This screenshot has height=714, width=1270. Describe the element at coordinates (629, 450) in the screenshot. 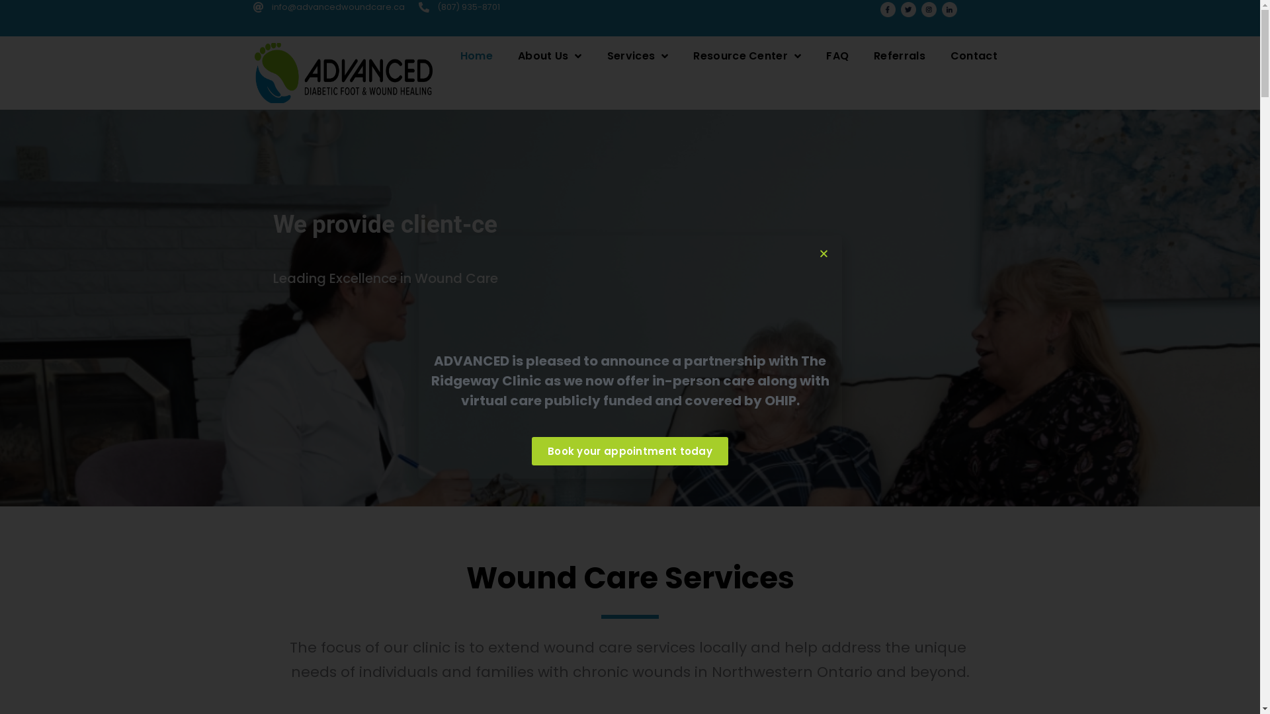

I see `'Book your appointment today'` at that location.